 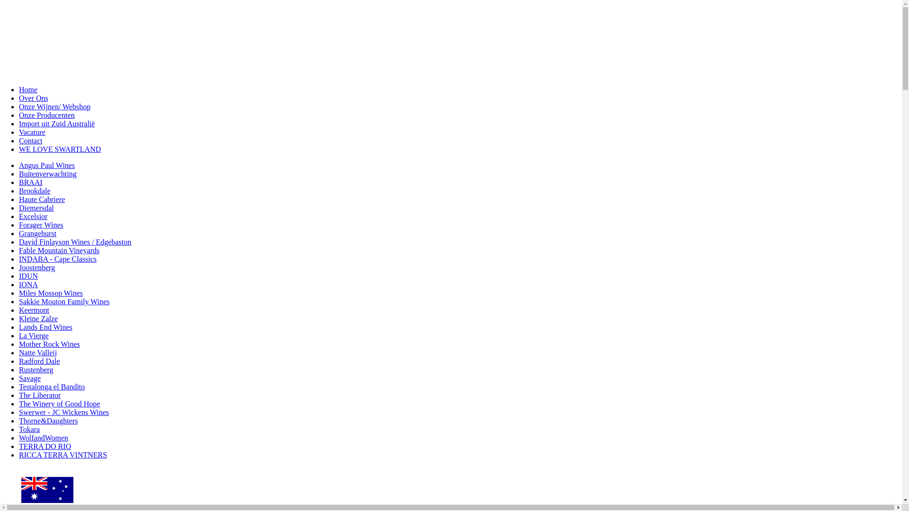 What do you see at coordinates (18, 233) in the screenshot?
I see `'Grangehurst'` at bounding box center [18, 233].